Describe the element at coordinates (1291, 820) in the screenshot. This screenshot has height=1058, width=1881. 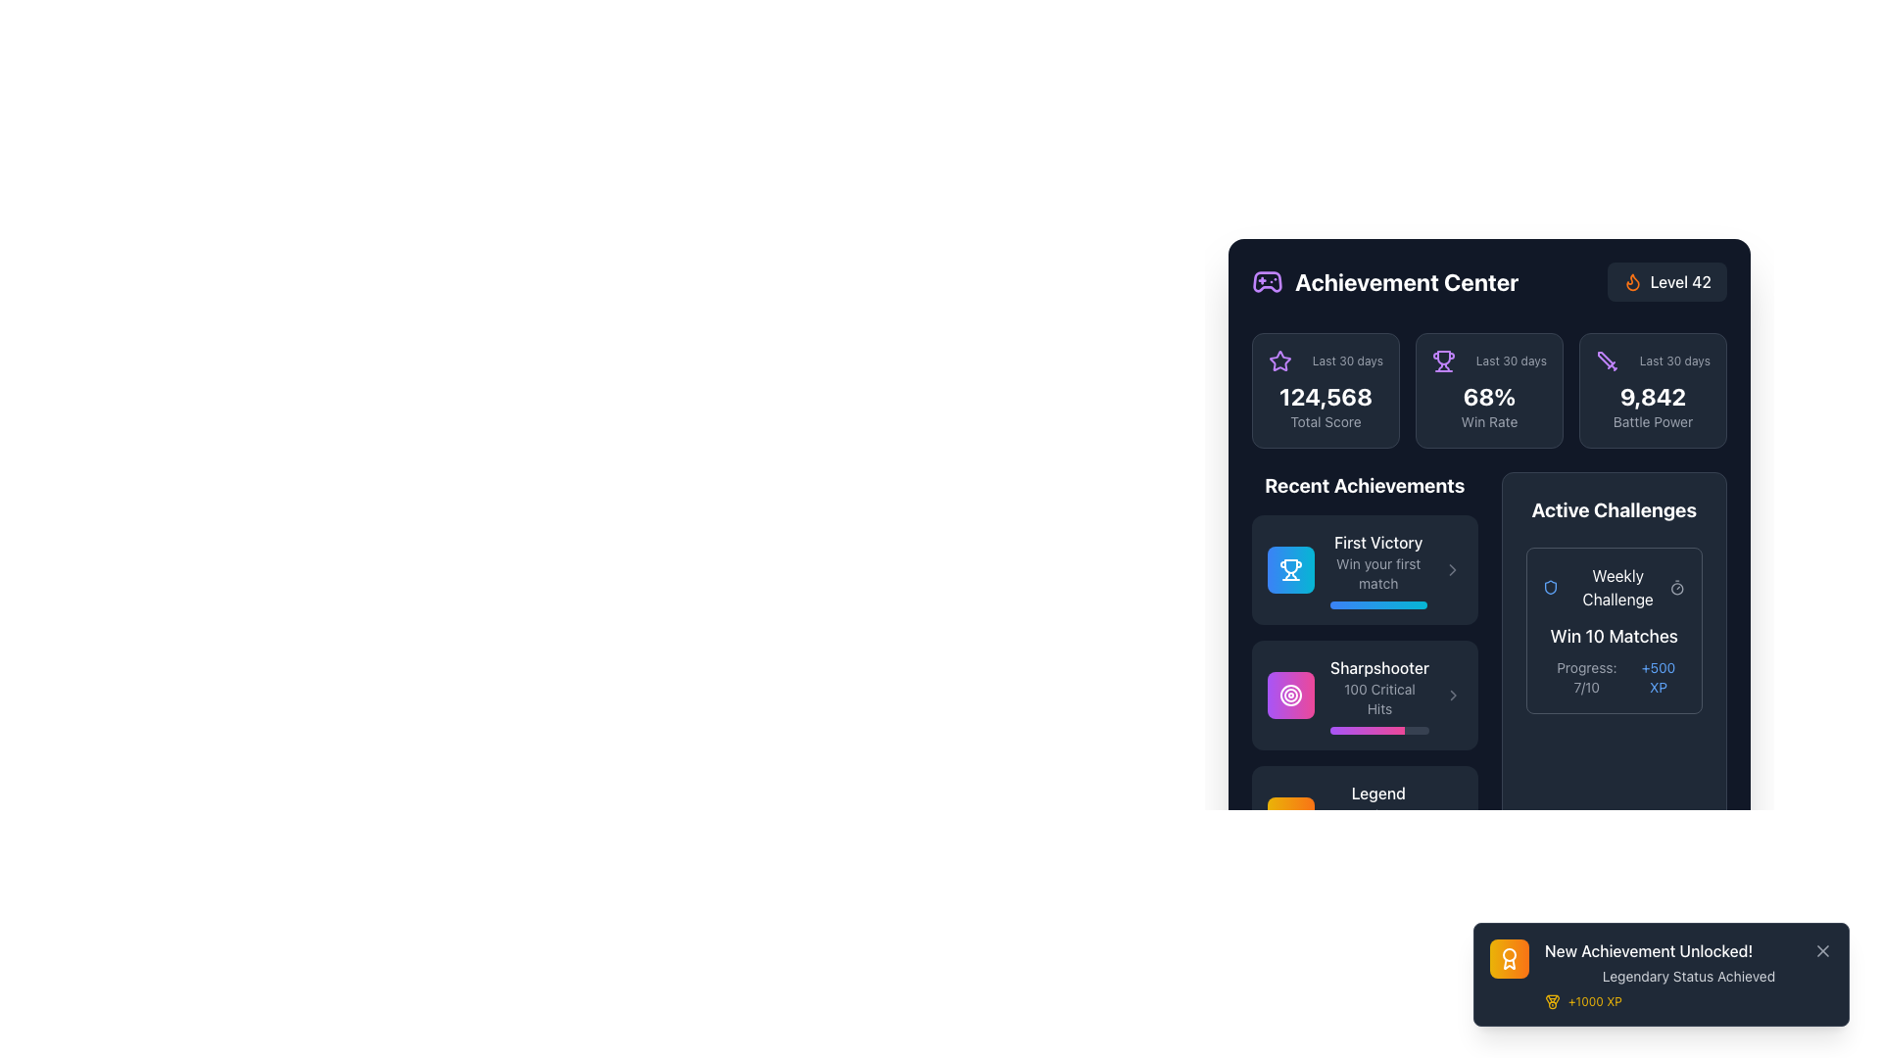
I see `the rectangular button styled with a gradient background transitioning from yellow to orange, located directly above the text 'Legend'` at that location.